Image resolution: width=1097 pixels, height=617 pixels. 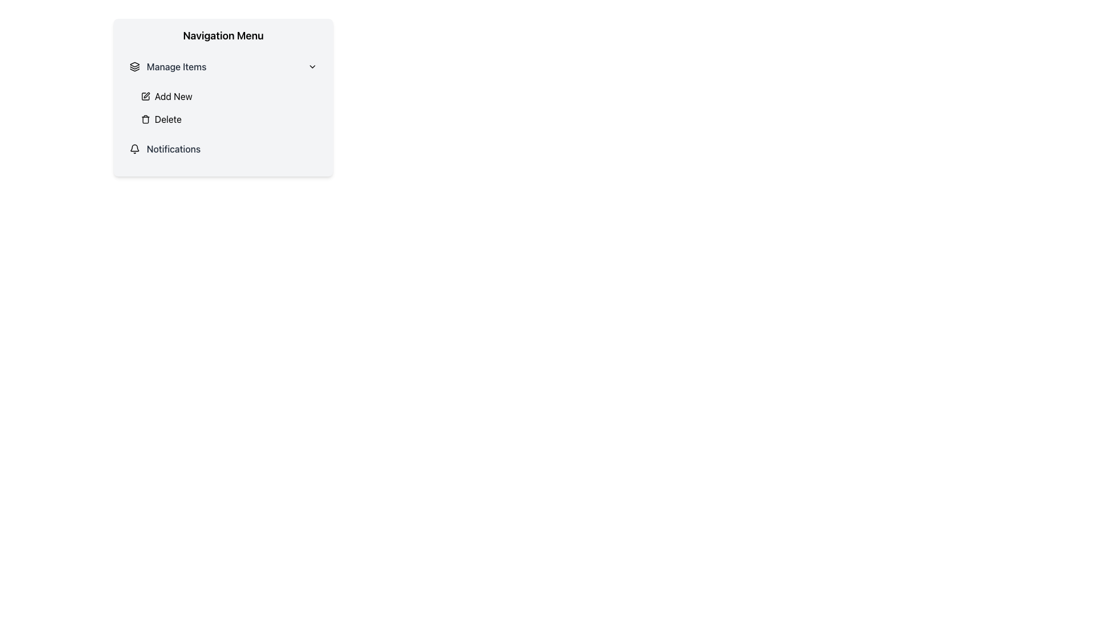 What do you see at coordinates (145, 96) in the screenshot?
I see `the first icon in the 'Navigation Menu' dropdown, which is a minimalist square outline graphic without text, located next to the 'Add New' label` at bounding box center [145, 96].